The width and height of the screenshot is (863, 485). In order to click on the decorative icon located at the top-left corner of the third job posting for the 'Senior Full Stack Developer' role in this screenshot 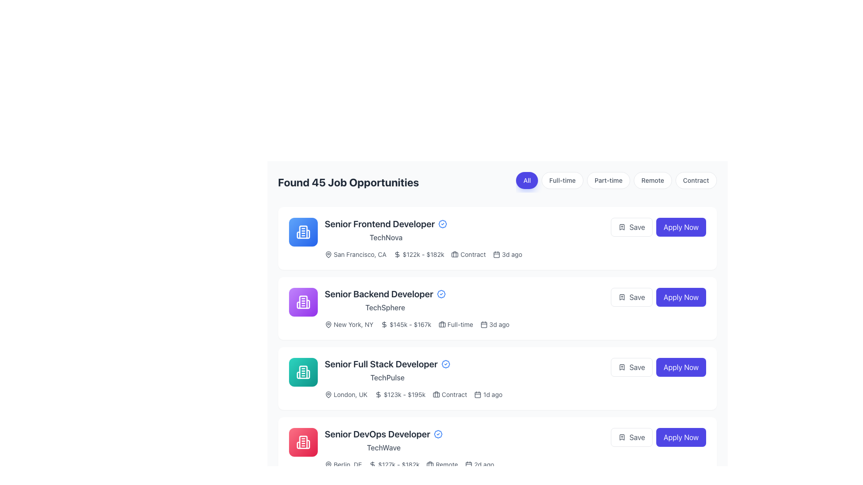, I will do `click(303, 372)`.